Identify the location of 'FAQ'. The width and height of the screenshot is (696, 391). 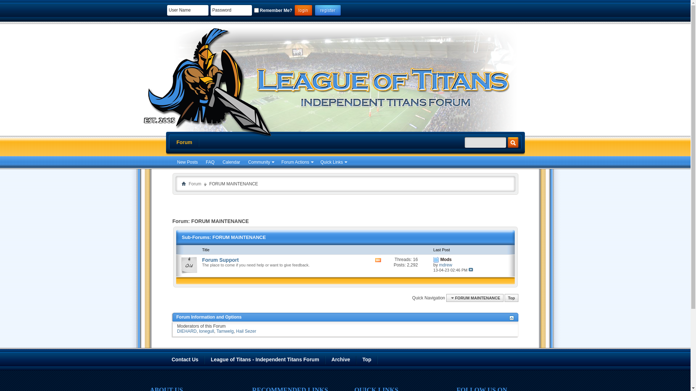
(210, 162).